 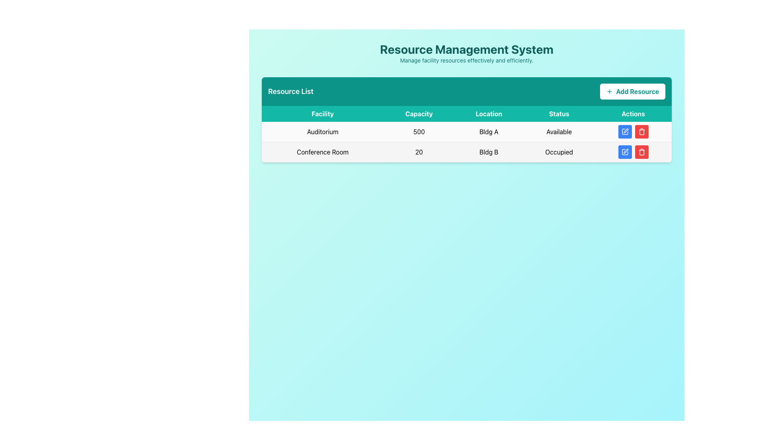 I want to click on the blue square icon with a pen symbol in the 'Actions' column of the second row in the resource table, so click(x=624, y=152).